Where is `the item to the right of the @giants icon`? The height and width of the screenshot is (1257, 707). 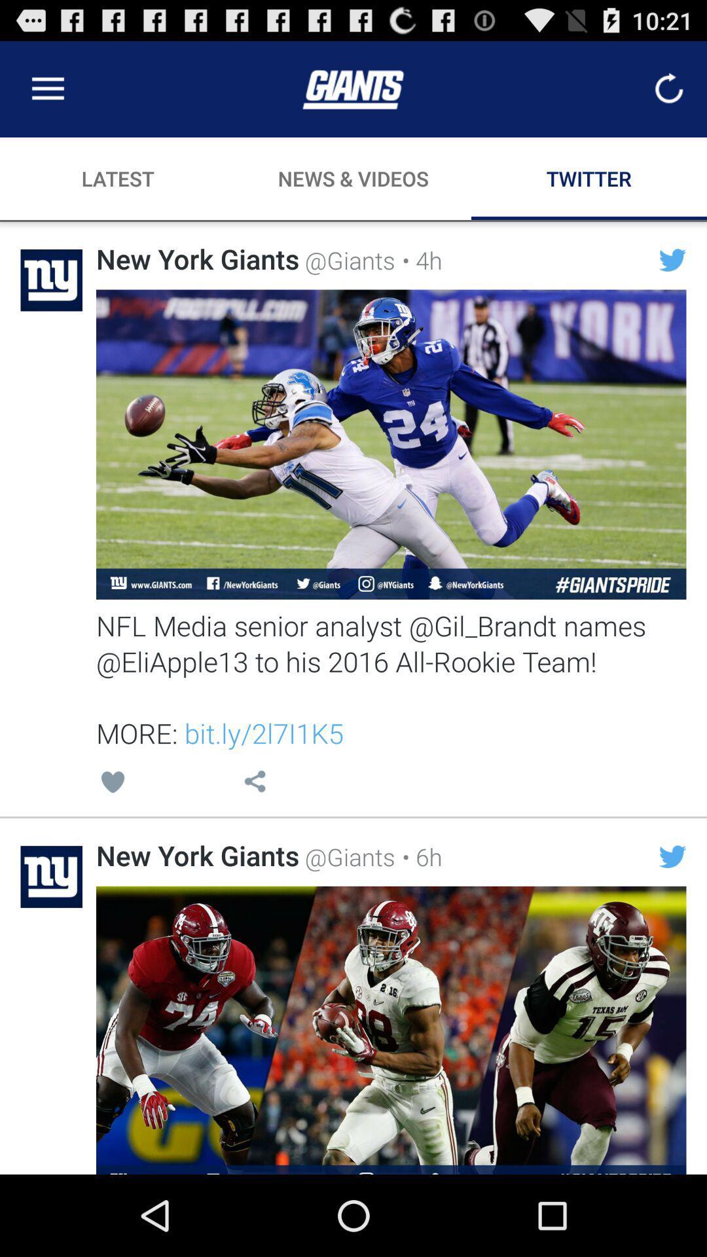
the item to the right of the @giants icon is located at coordinates (418, 856).